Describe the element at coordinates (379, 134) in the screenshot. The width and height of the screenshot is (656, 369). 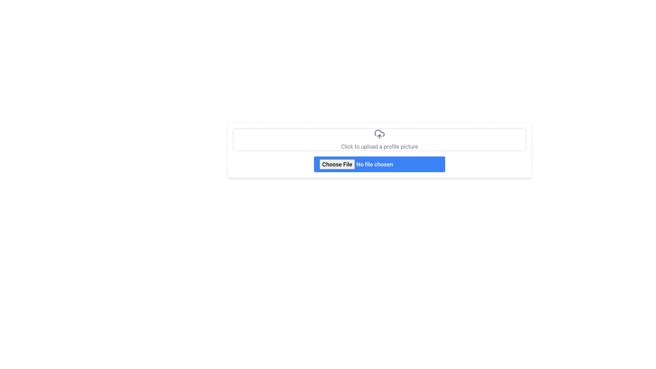
I see `the upload profile picture icon located above the 'Click to upload a profile picture' text, which is centrally positioned in the UI section for profile picture uploads` at that location.